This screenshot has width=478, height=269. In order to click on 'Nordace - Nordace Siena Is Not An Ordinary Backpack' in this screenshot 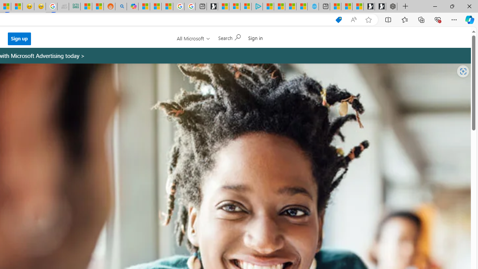, I will do `click(391, 6)`.